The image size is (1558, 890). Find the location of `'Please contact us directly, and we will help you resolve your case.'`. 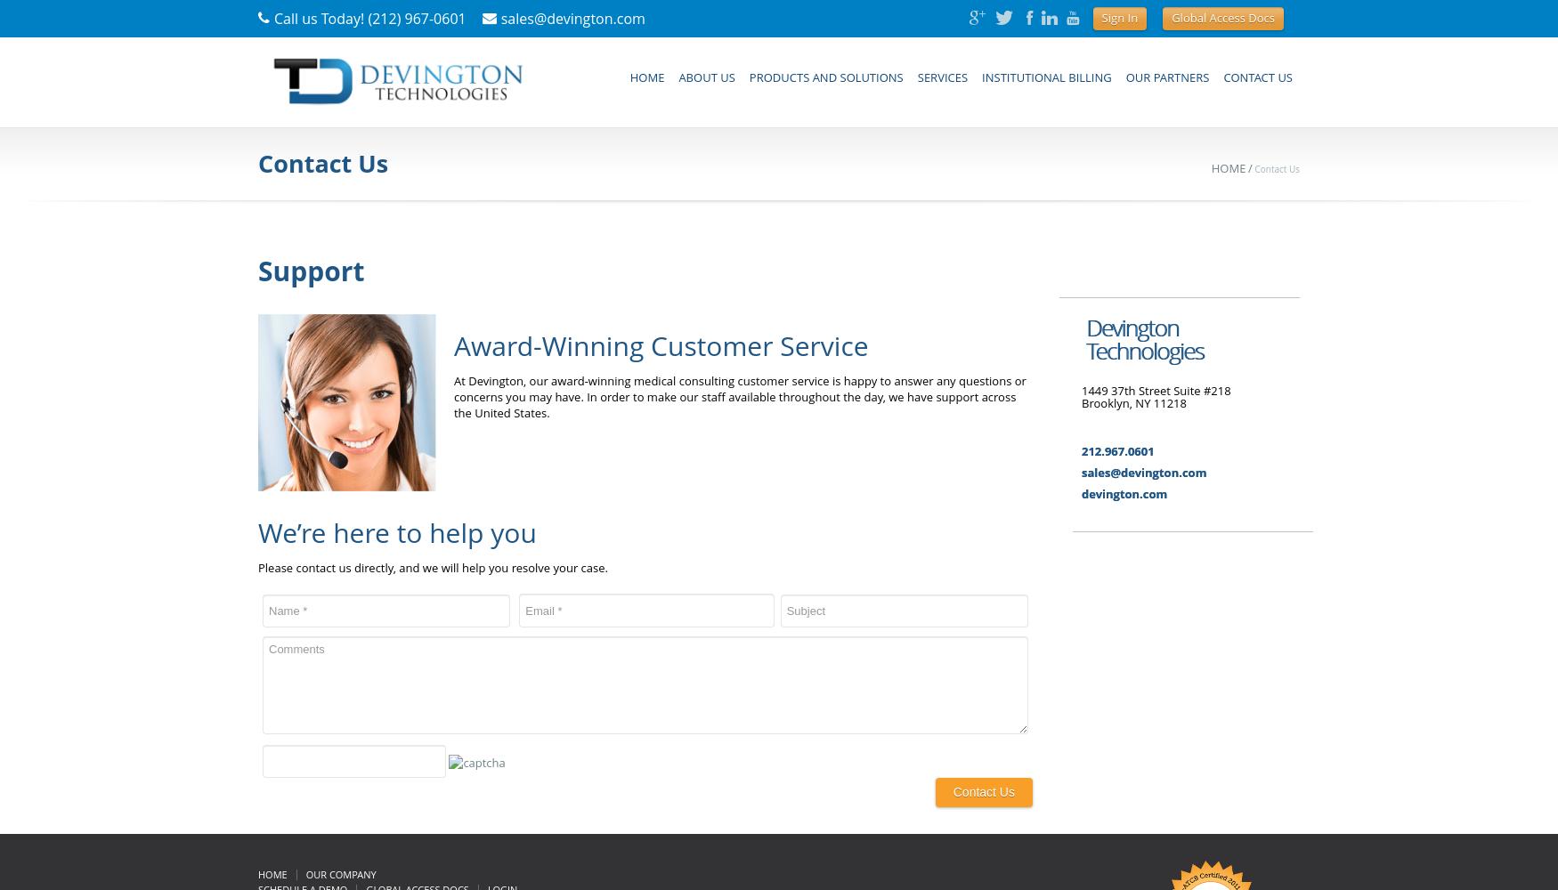

'Please contact us directly, and we will help you resolve your case.' is located at coordinates (432, 568).